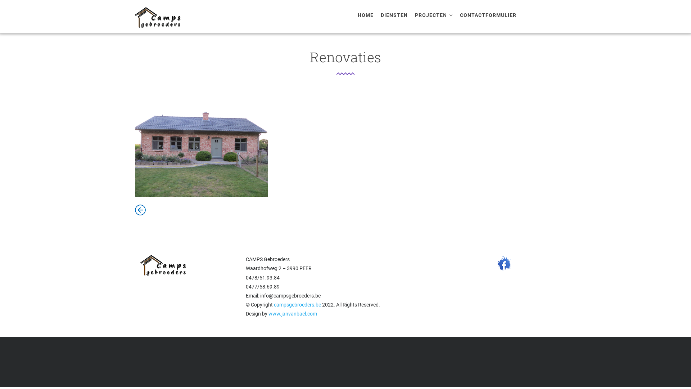 This screenshot has height=389, width=691. Describe the element at coordinates (160, 16) in the screenshot. I see `'Home'` at that location.